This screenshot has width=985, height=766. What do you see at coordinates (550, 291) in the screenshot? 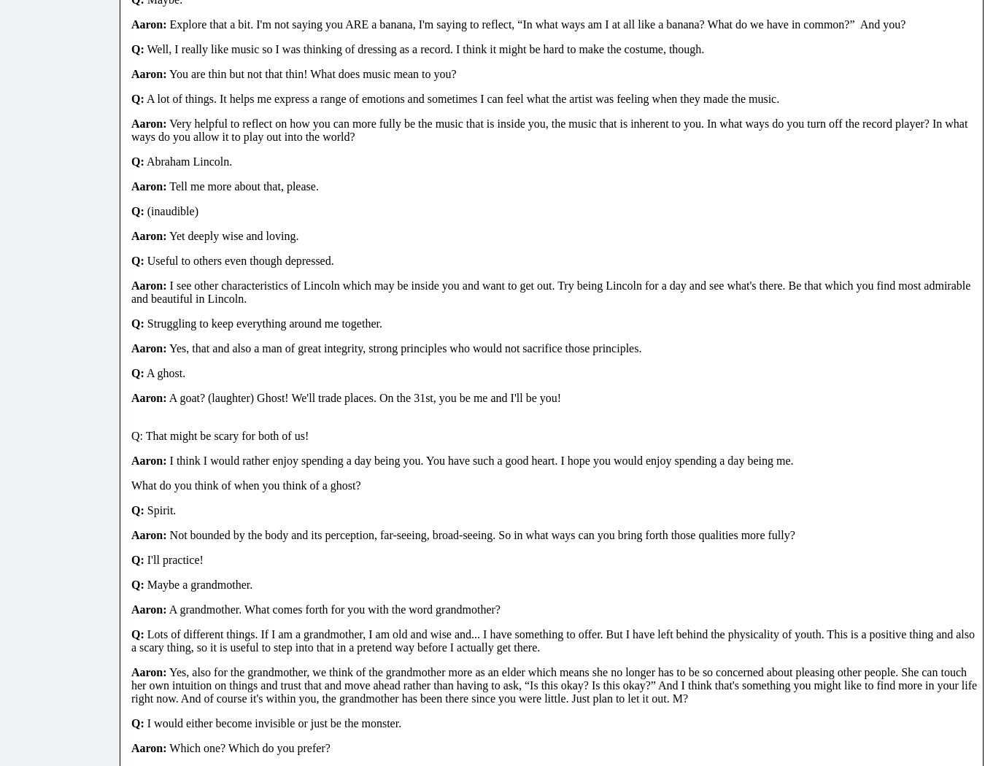
I see `'I see other characteristics of Lincoln which may be inside you and want to get out. Try being Lincoln for a day and see what's there. Be that which you find most admirable and beautiful in Lincoln.'` at bounding box center [550, 291].